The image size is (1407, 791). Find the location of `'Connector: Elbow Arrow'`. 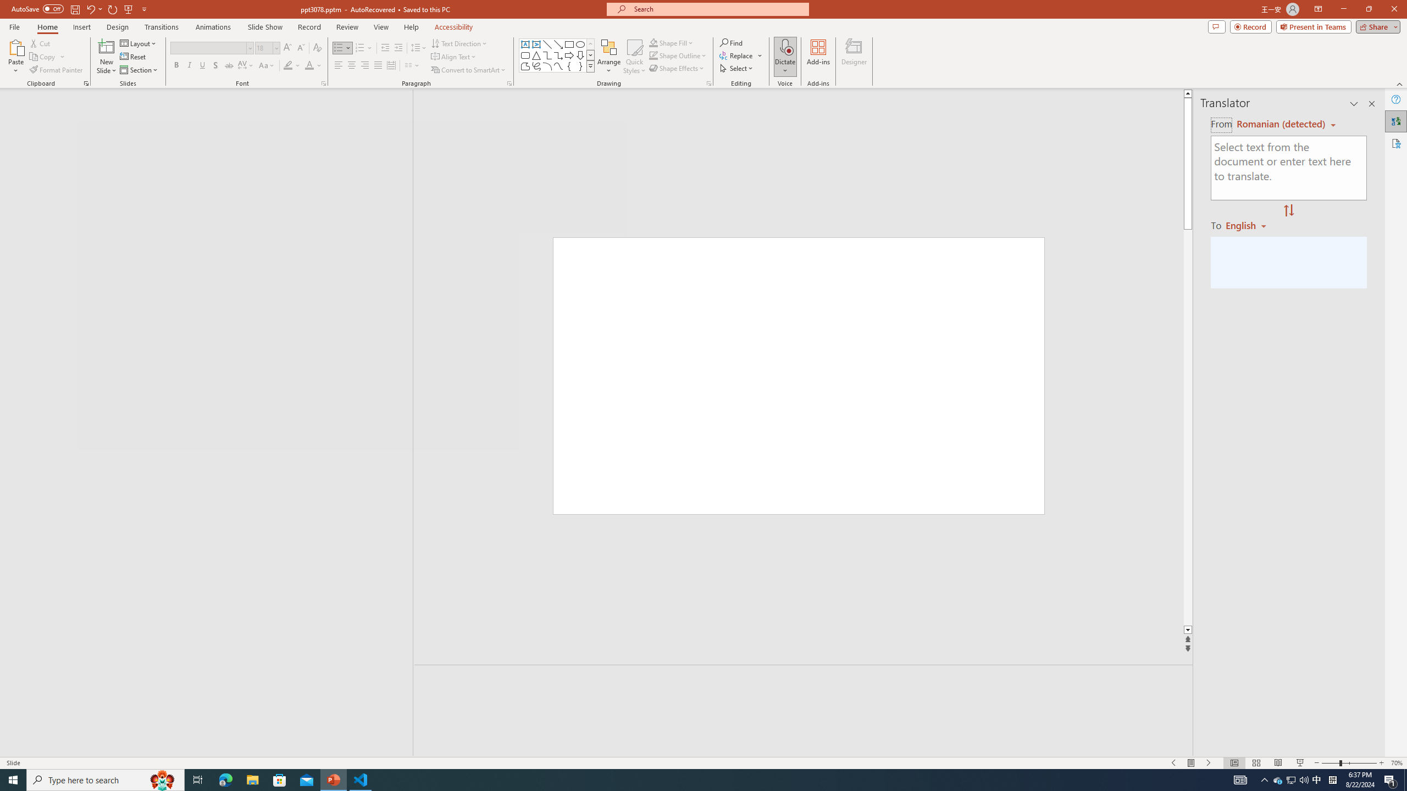

'Connector: Elbow Arrow' is located at coordinates (558, 54).